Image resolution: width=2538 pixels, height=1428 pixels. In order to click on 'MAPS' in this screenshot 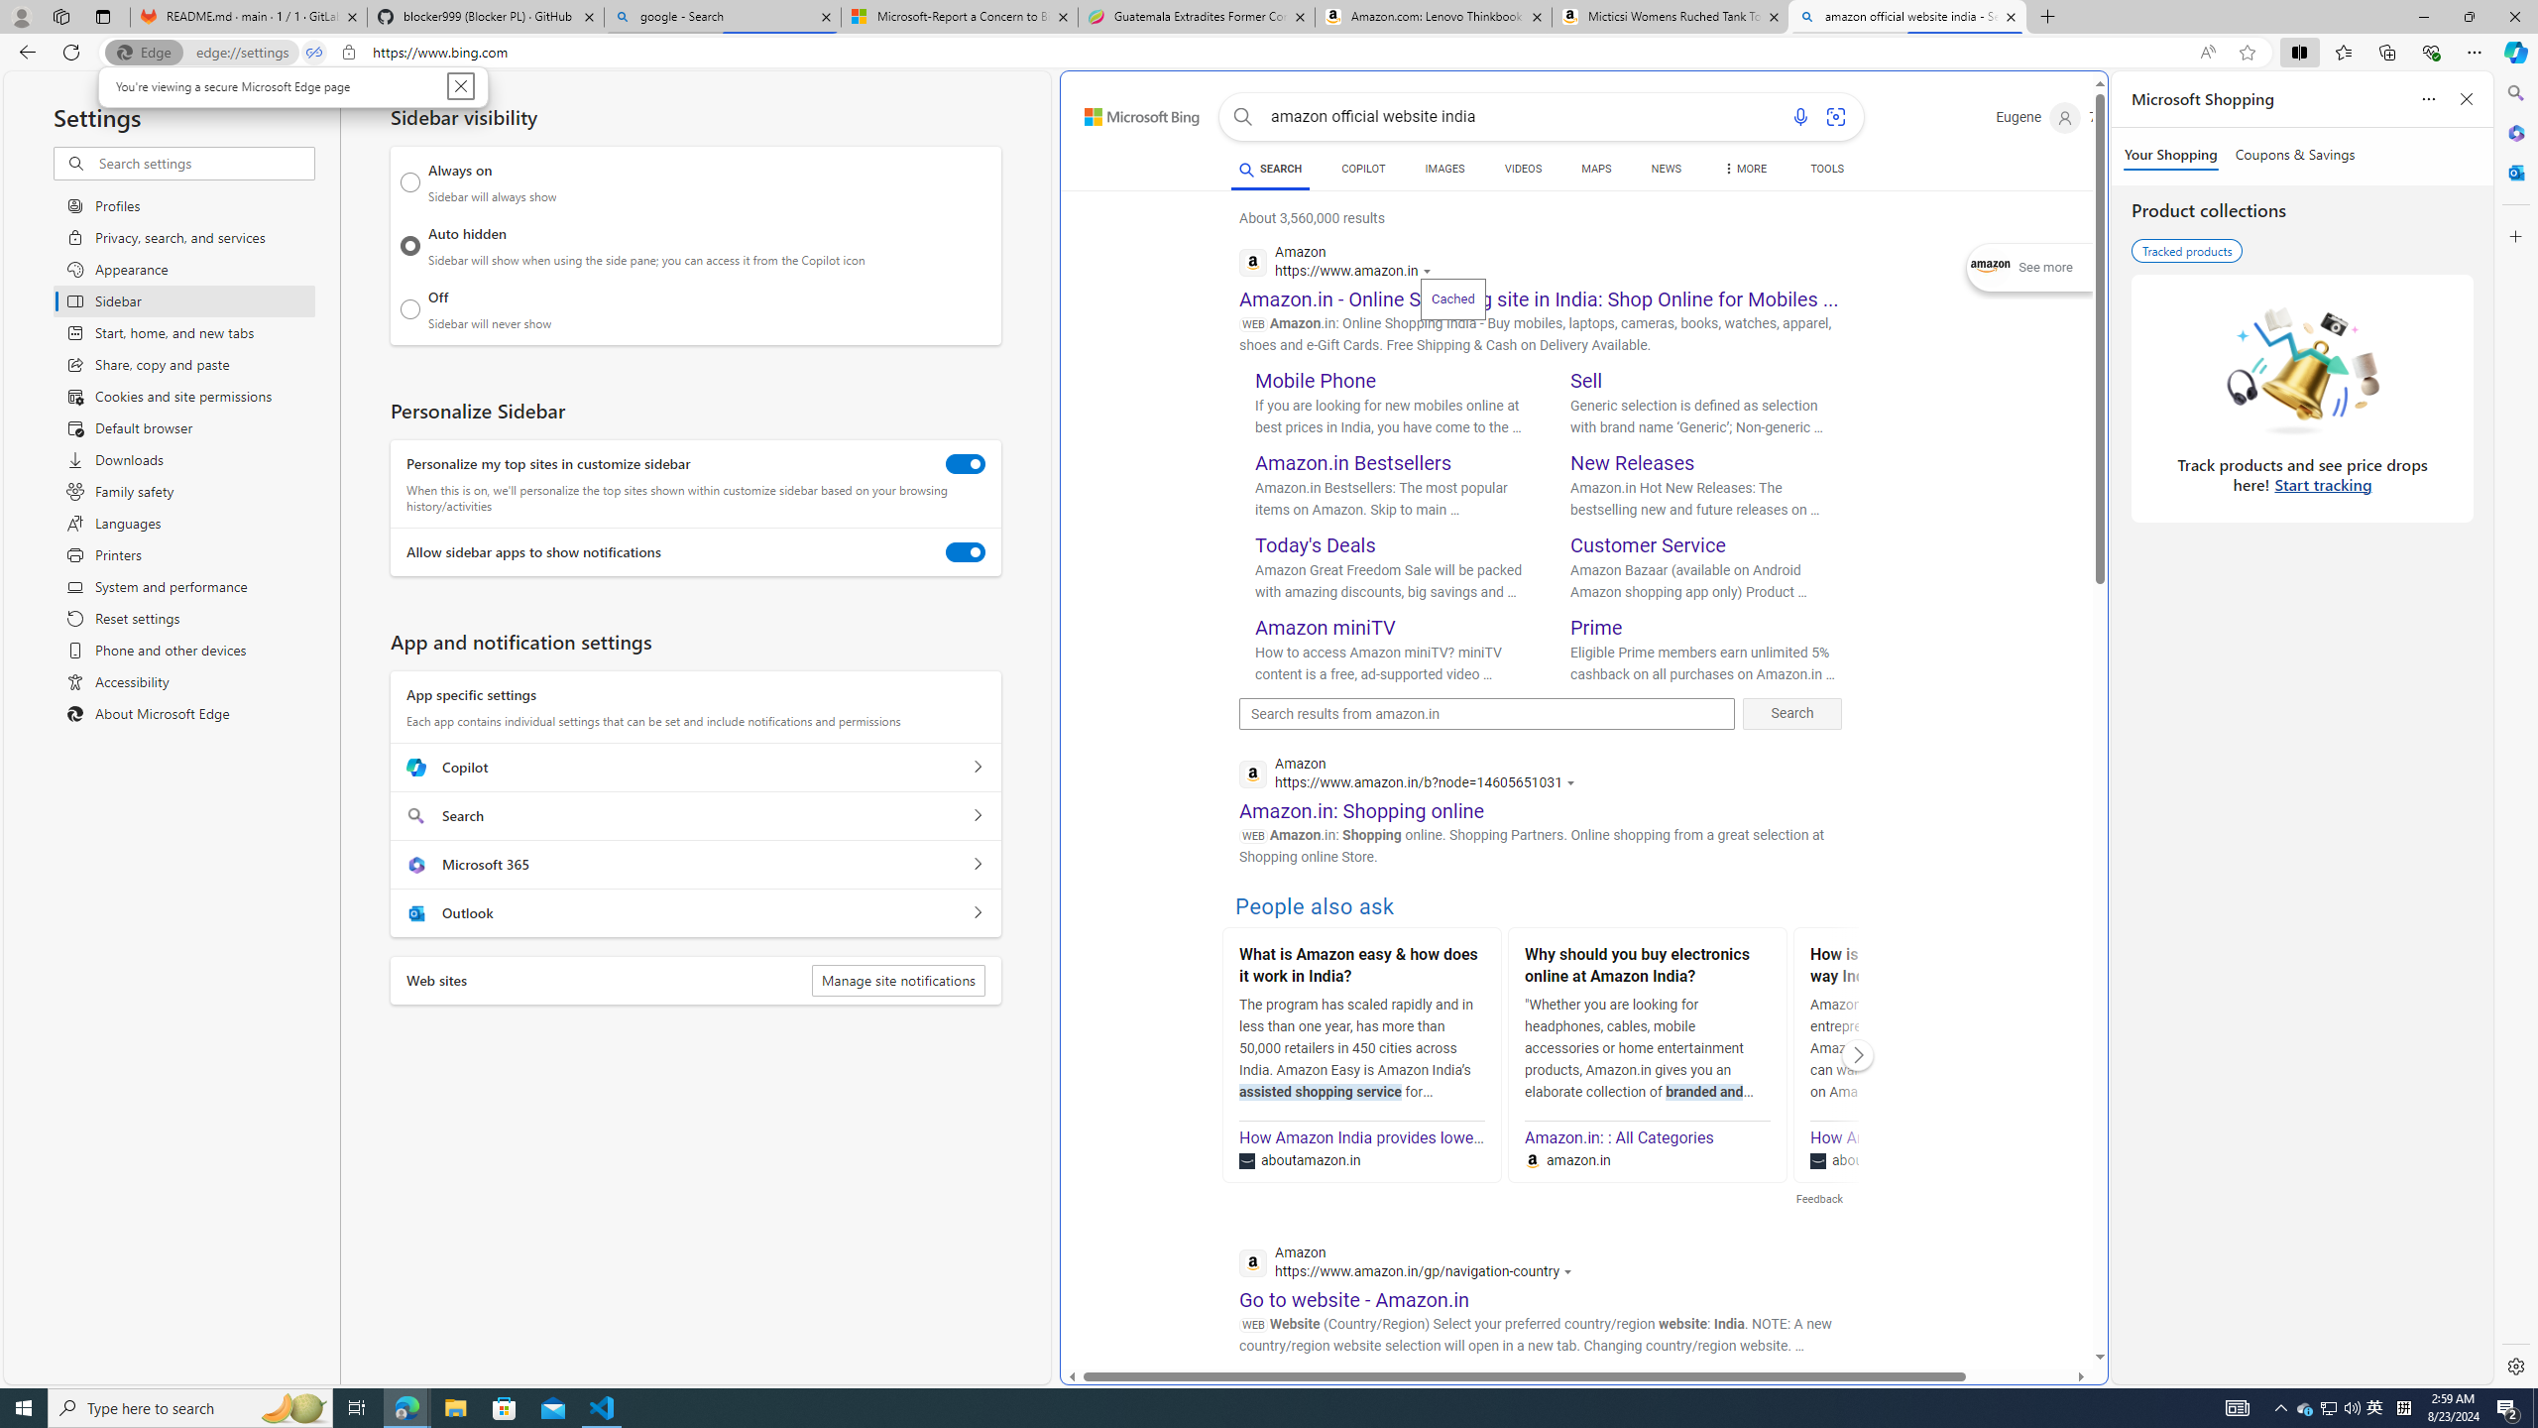, I will do `click(1596, 171)`.